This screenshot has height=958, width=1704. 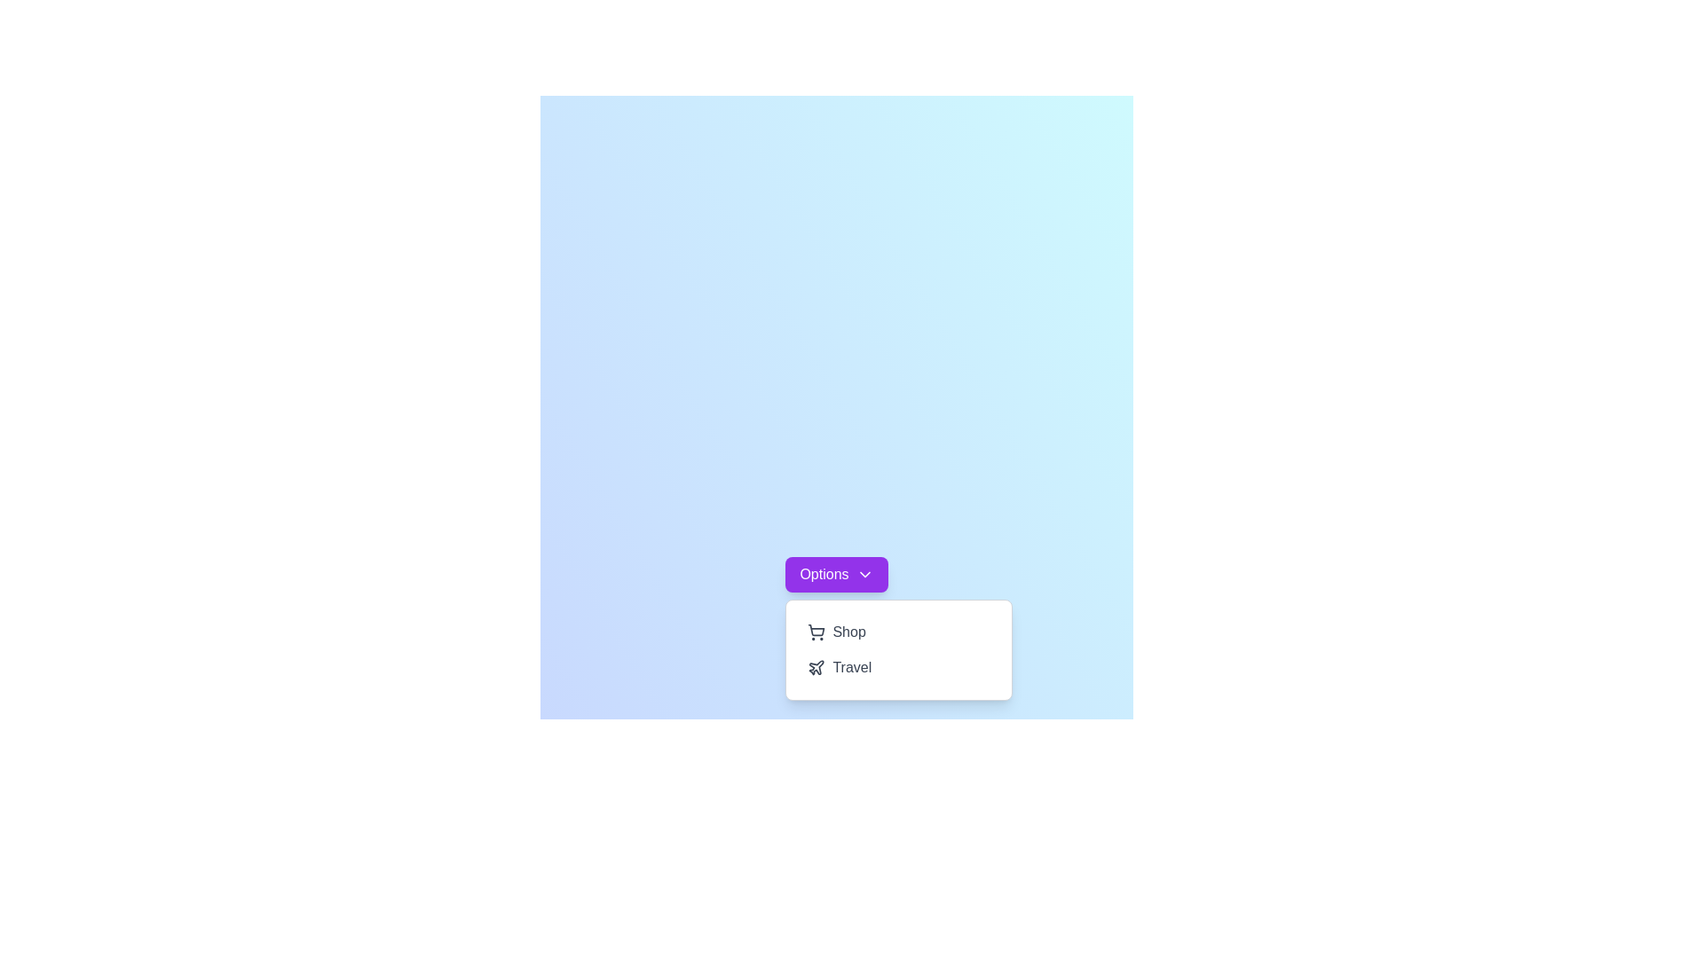 What do you see at coordinates (864, 575) in the screenshot?
I see `the dropdown indicator icon (SVG) located on the right side of the 'Options' button` at bounding box center [864, 575].